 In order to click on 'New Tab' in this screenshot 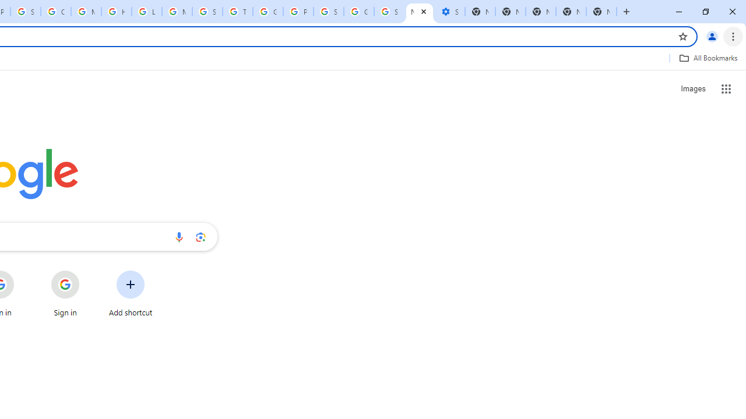, I will do `click(601, 12)`.